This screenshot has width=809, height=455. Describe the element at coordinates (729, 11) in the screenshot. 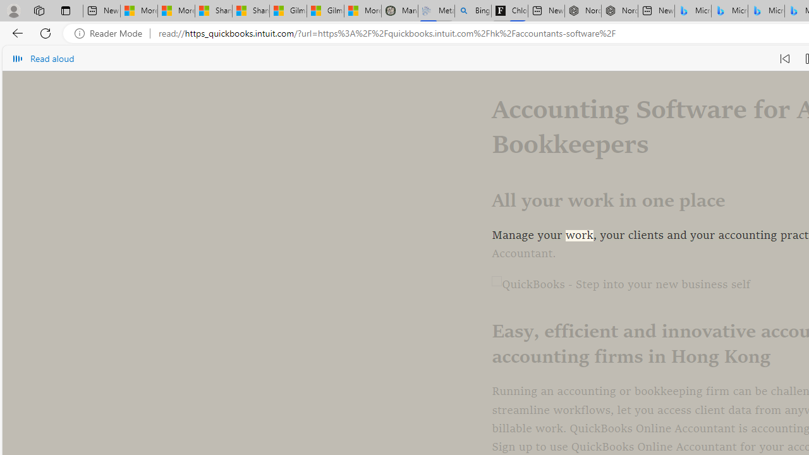

I see `'Microsoft Bing Travel - Stays in Bangkok, Bangkok, Thailand'` at that location.